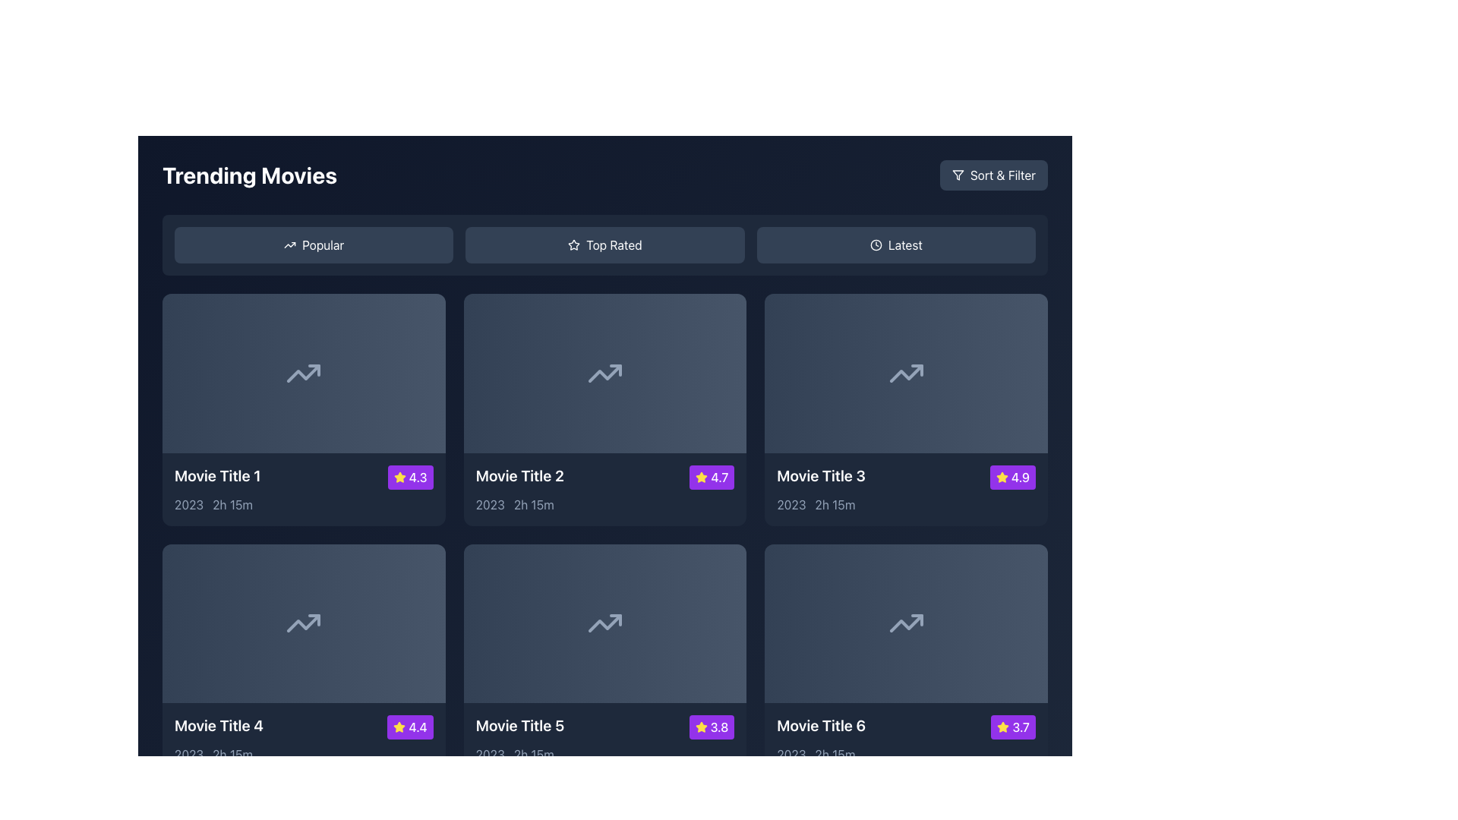 The width and height of the screenshot is (1458, 820). What do you see at coordinates (906, 739) in the screenshot?
I see `the text block displaying the movie title 'Movie Title 6' with a rating of '3.7', located in the lower part of a movie card in the 'Trending Movies' section` at bounding box center [906, 739].